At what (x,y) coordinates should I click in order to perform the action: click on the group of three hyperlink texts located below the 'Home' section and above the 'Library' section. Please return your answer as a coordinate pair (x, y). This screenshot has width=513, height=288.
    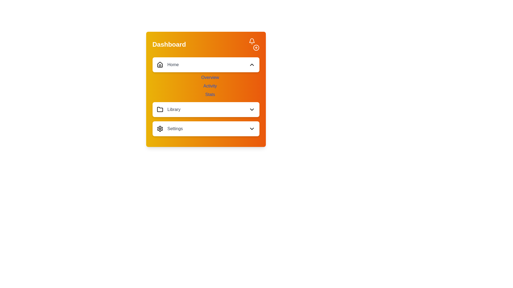
    Looking at the image, I should click on (205, 99).